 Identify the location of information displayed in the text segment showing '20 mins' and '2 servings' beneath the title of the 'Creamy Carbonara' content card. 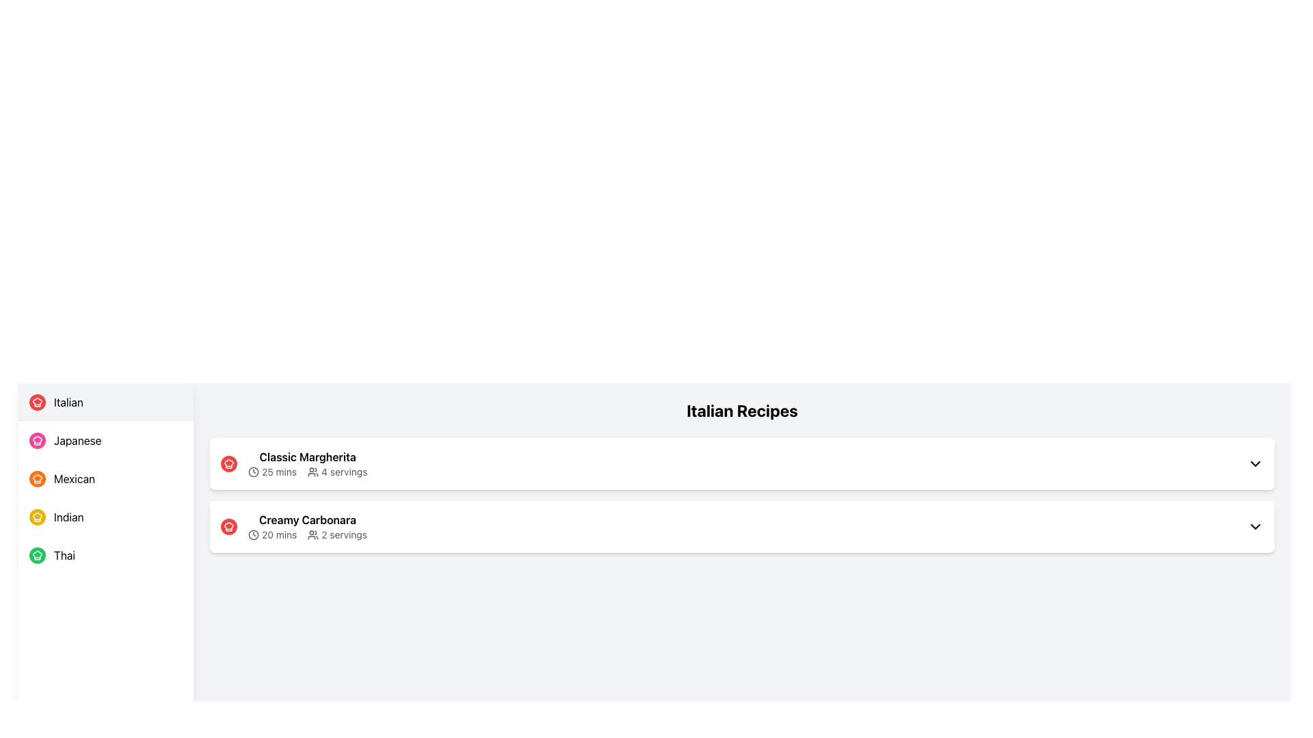
(307, 534).